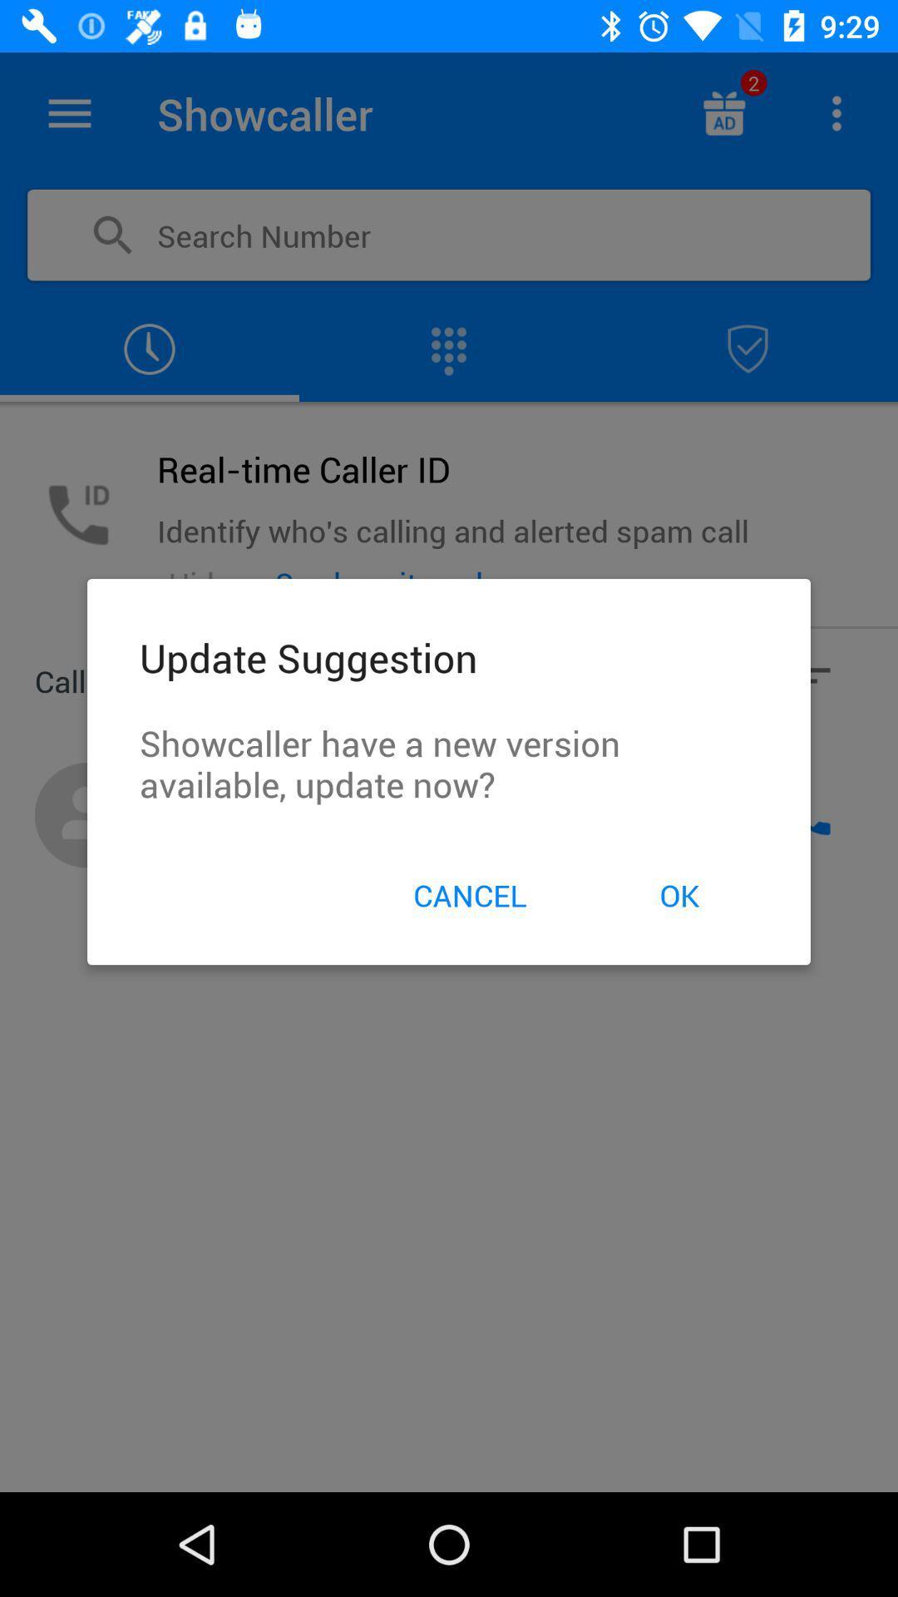  I want to click on the icon next to cancel, so click(679, 894).